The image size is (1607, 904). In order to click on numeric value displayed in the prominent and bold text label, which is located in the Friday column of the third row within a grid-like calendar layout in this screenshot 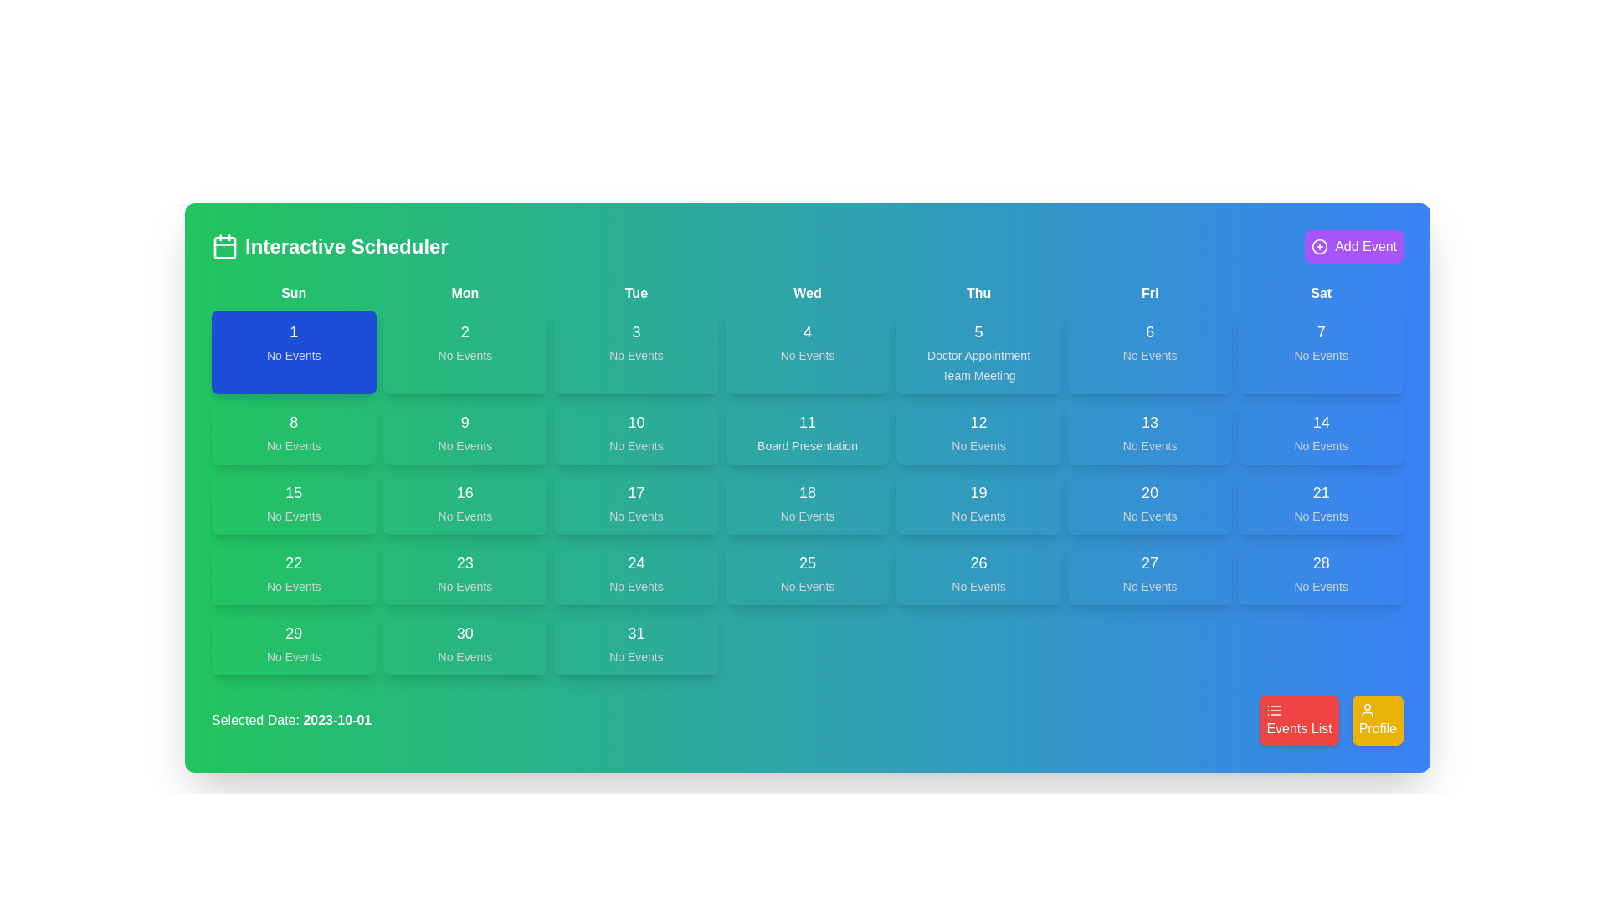, I will do `click(1149, 492)`.